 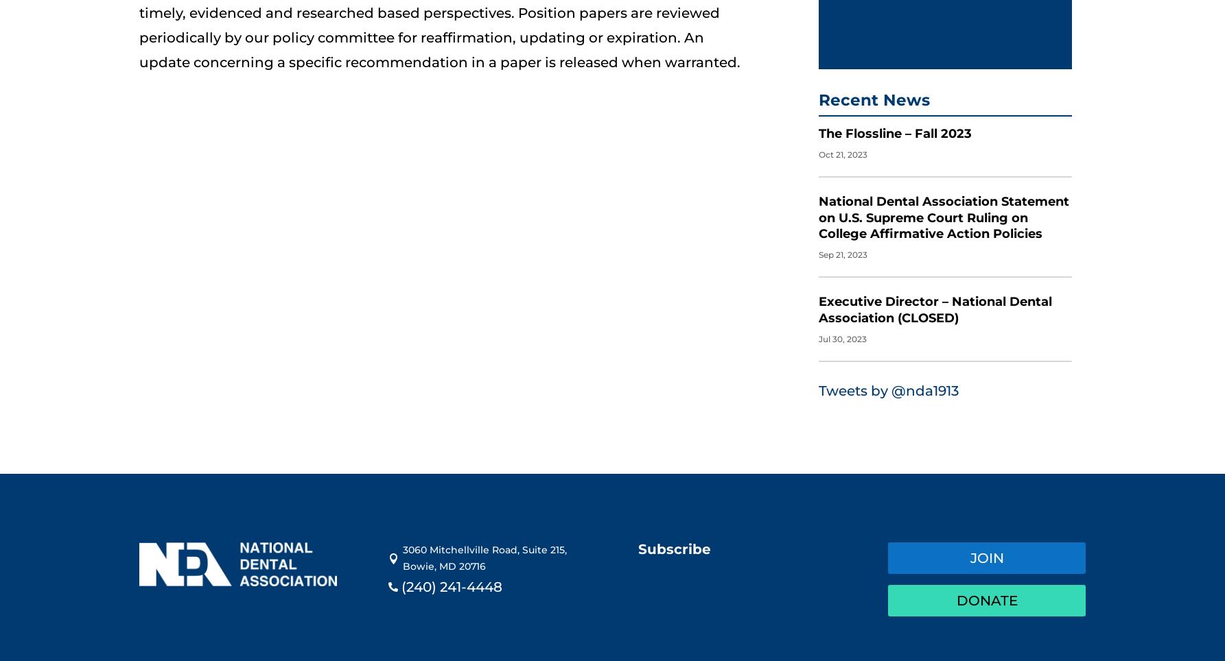 I want to click on 'Jul 30, 2023', so click(x=842, y=325).